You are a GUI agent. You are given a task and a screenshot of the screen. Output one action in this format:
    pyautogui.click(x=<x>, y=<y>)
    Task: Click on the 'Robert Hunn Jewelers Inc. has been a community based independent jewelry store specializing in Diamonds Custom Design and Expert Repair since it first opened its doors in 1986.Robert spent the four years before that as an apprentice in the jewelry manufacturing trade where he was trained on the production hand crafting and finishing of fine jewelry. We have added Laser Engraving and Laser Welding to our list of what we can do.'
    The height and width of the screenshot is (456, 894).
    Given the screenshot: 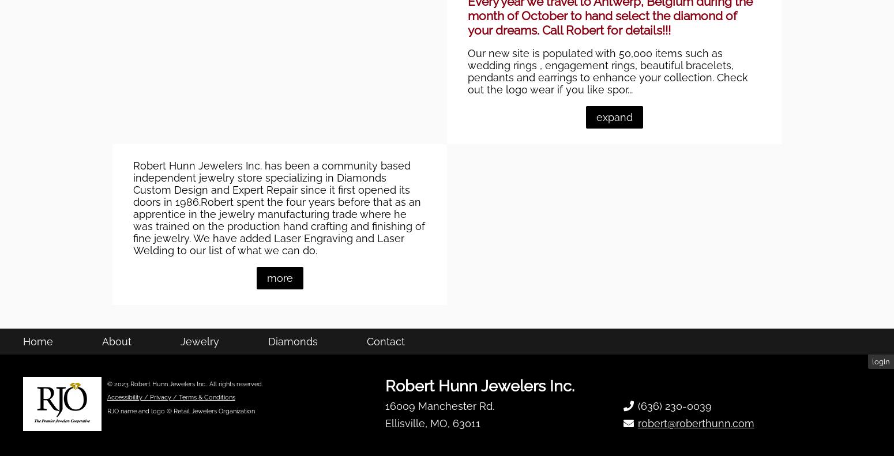 What is the action you would take?
    pyautogui.click(x=279, y=267)
    